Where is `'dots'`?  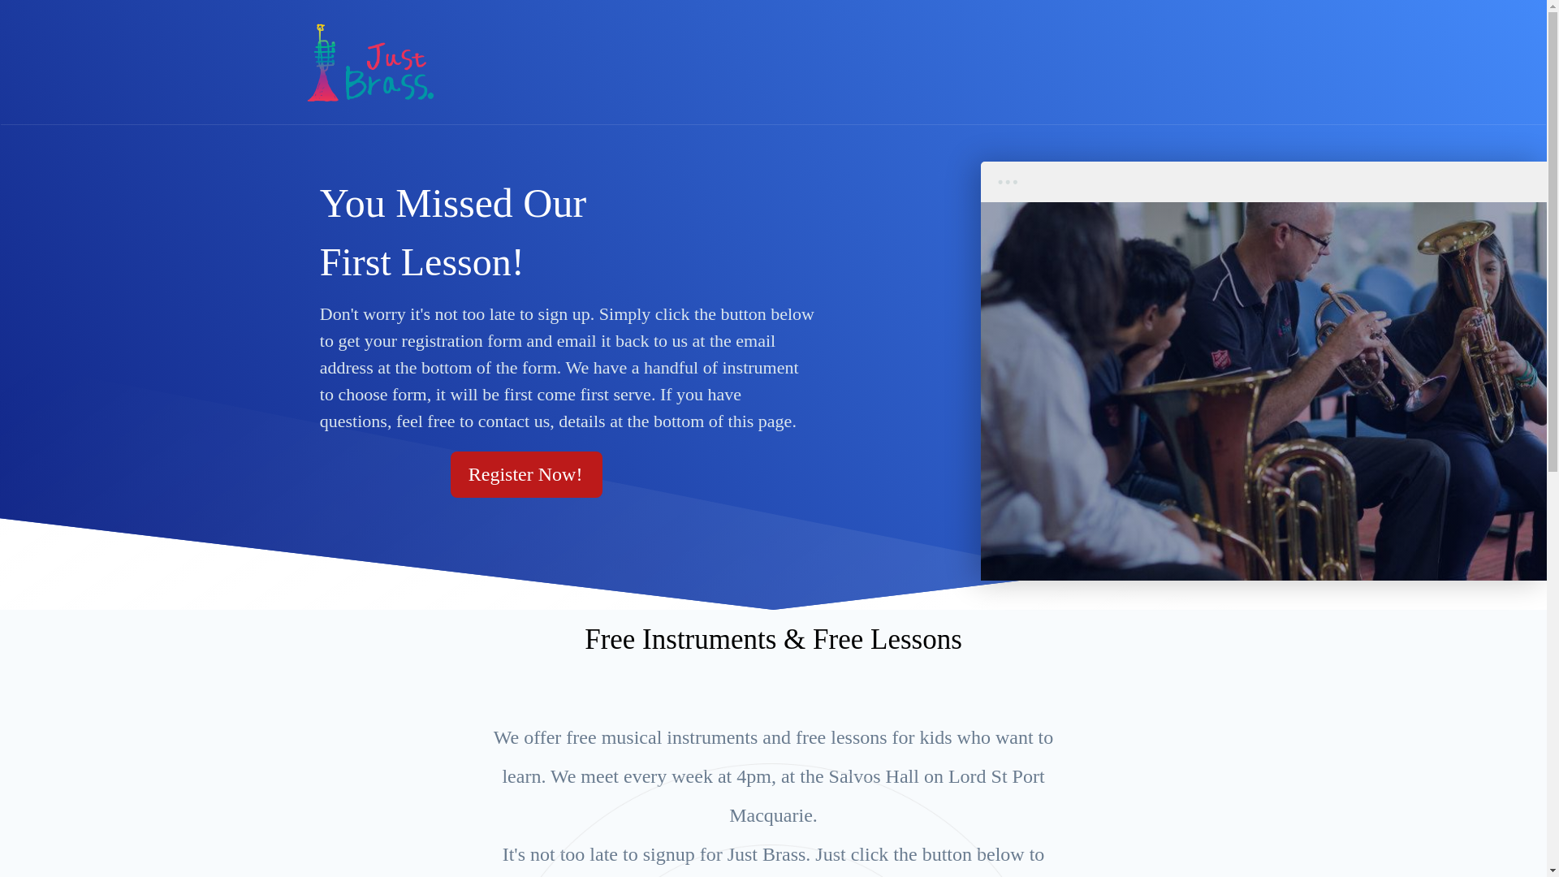
'dots' is located at coordinates (1007, 181).